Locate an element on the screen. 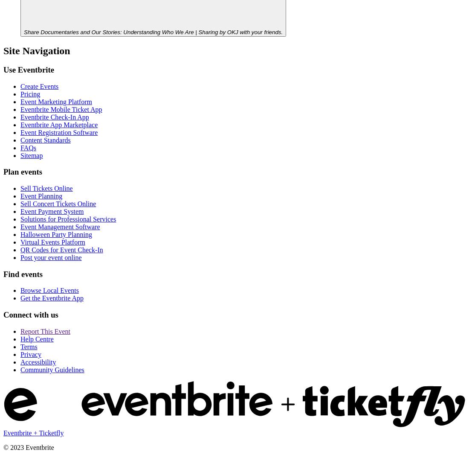 The image size is (469, 455). 'Privacy' is located at coordinates (31, 354).